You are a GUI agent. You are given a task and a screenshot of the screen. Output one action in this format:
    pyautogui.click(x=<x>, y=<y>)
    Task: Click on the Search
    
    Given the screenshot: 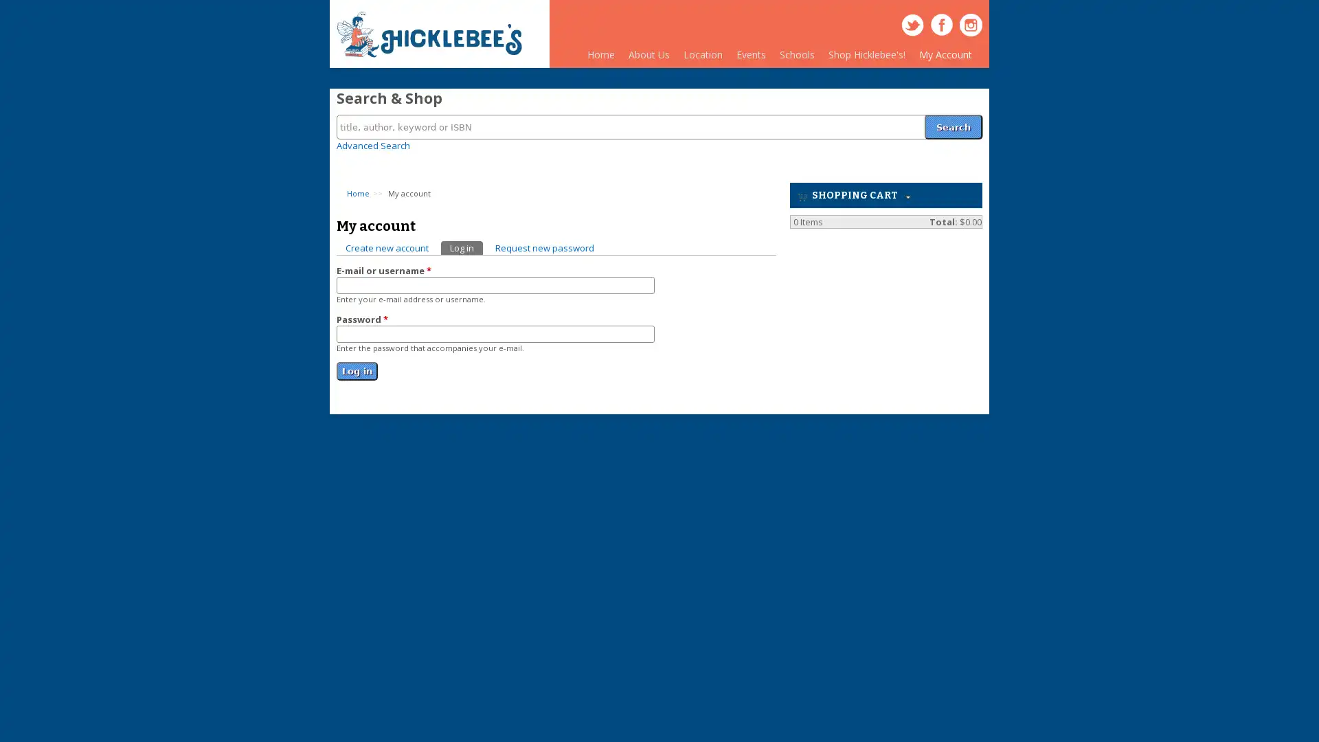 What is the action you would take?
    pyautogui.click(x=952, y=118)
    